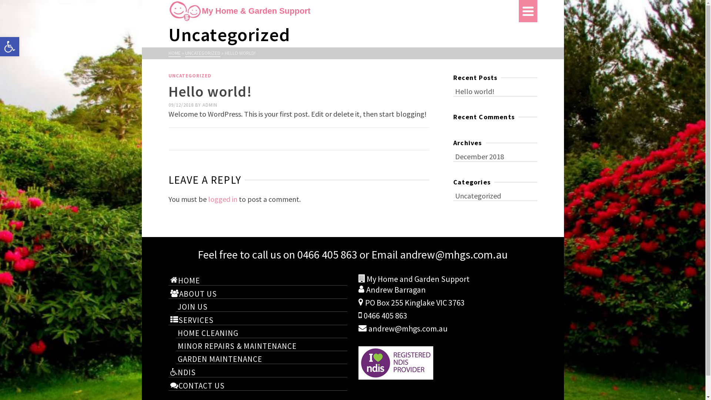  What do you see at coordinates (9, 47) in the screenshot?
I see `'Open toolbar` at bounding box center [9, 47].